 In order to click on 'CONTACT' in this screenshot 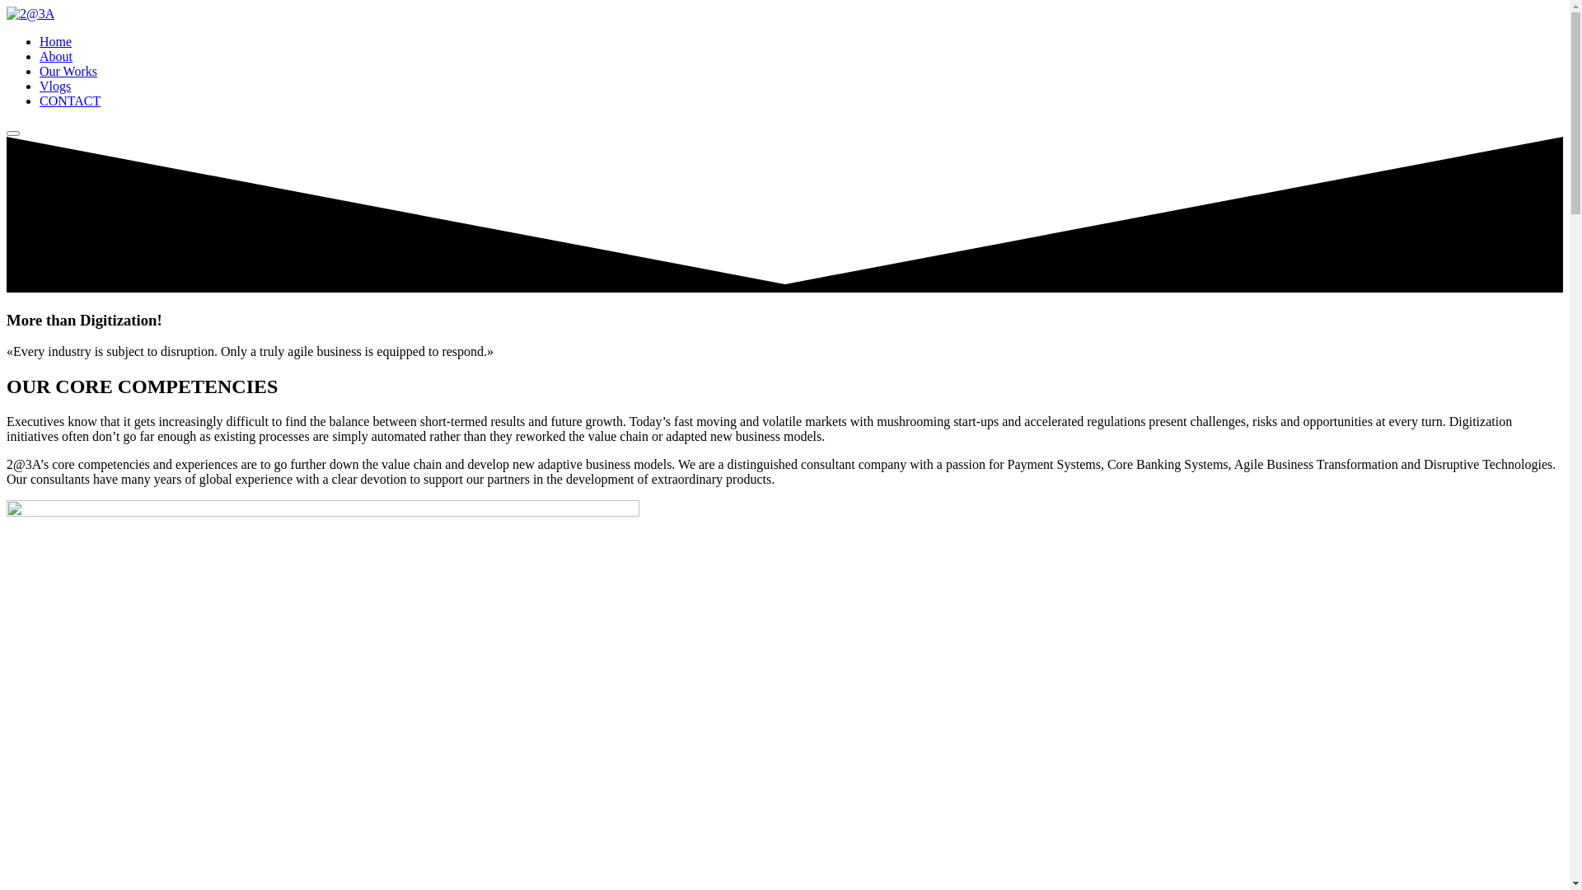, I will do `click(40, 101)`.